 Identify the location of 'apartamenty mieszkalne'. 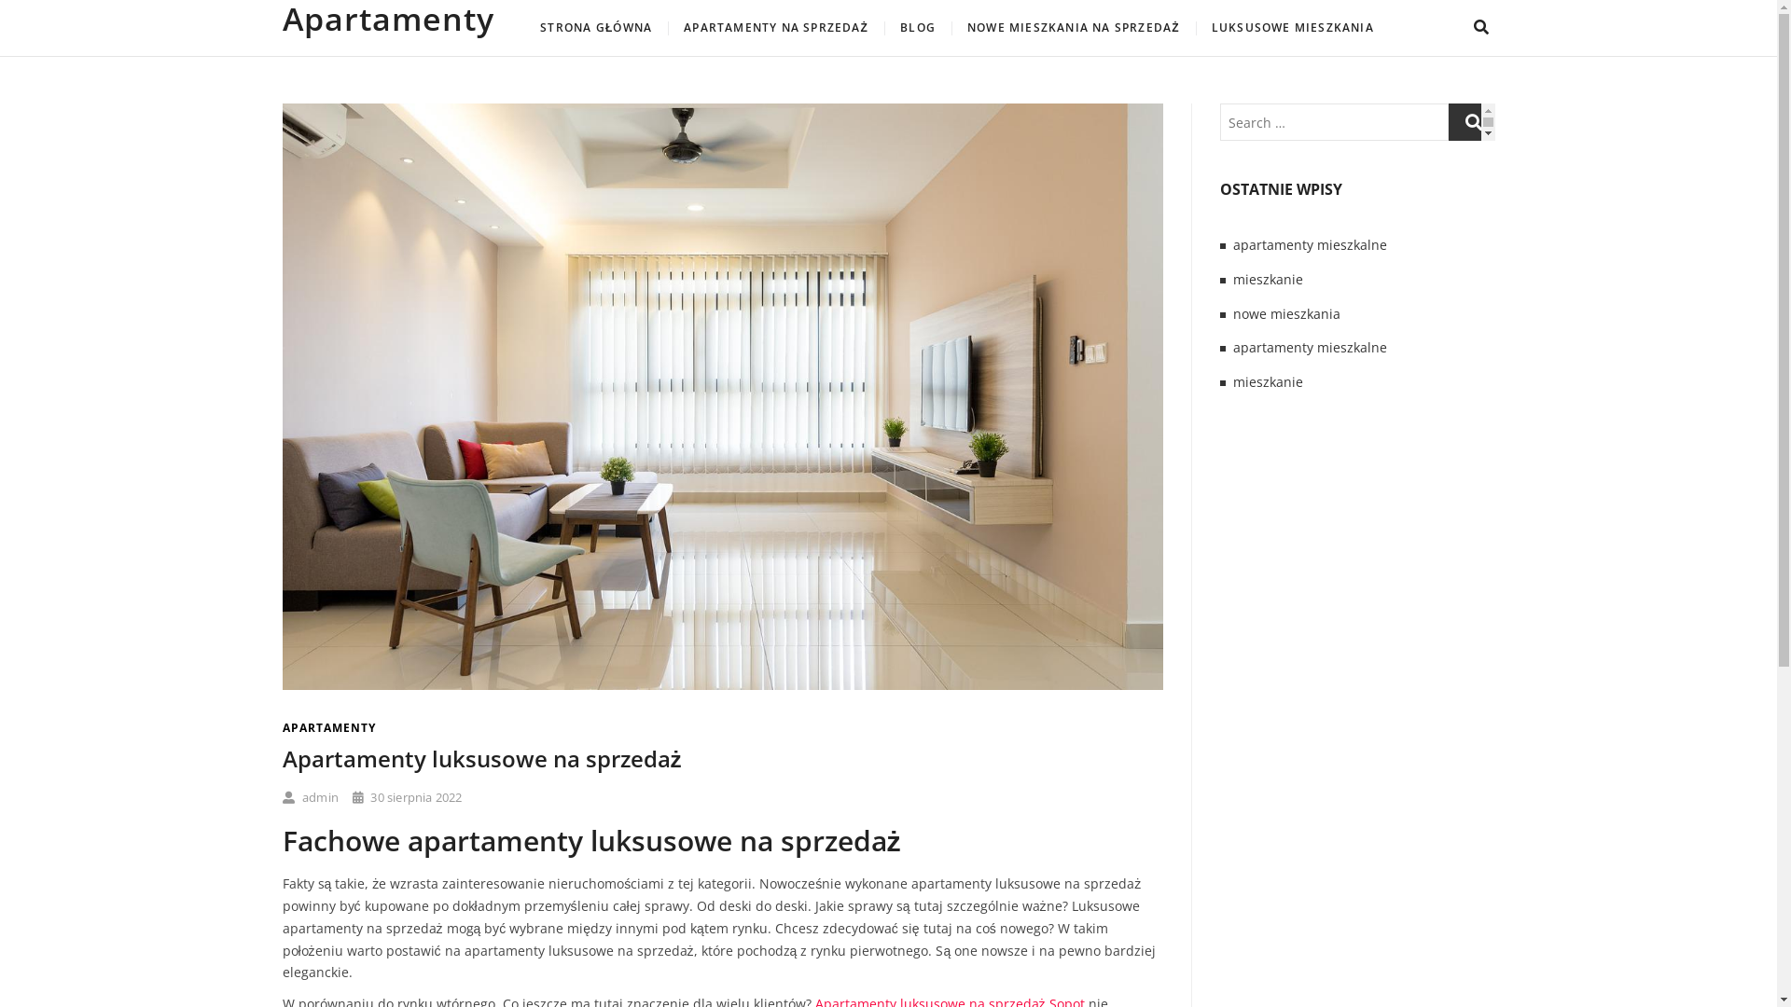
(1232, 243).